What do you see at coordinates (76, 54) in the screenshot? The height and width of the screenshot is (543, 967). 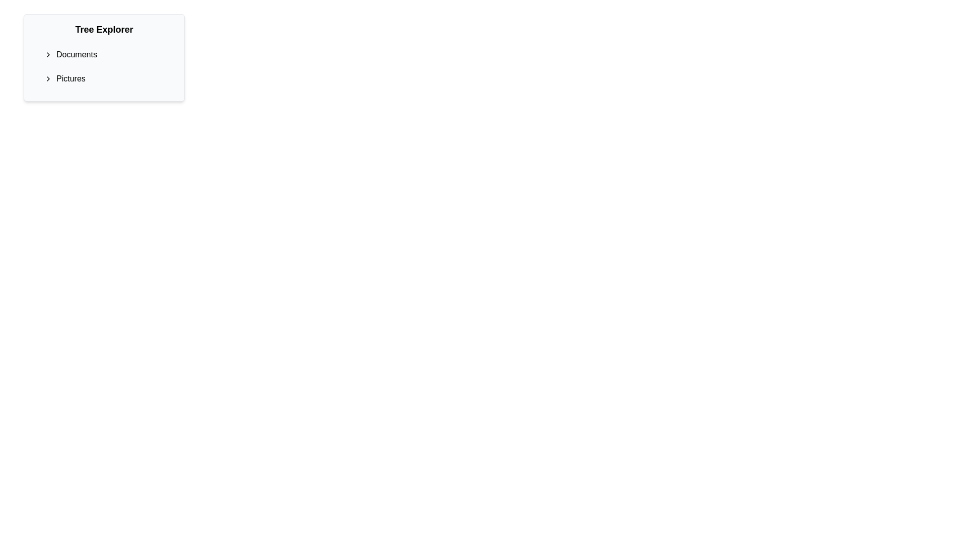 I see `the 'Documents' text item in the navigation menu, which is styled in black on a white background, located under the 'Tree Explorer' heading` at bounding box center [76, 54].